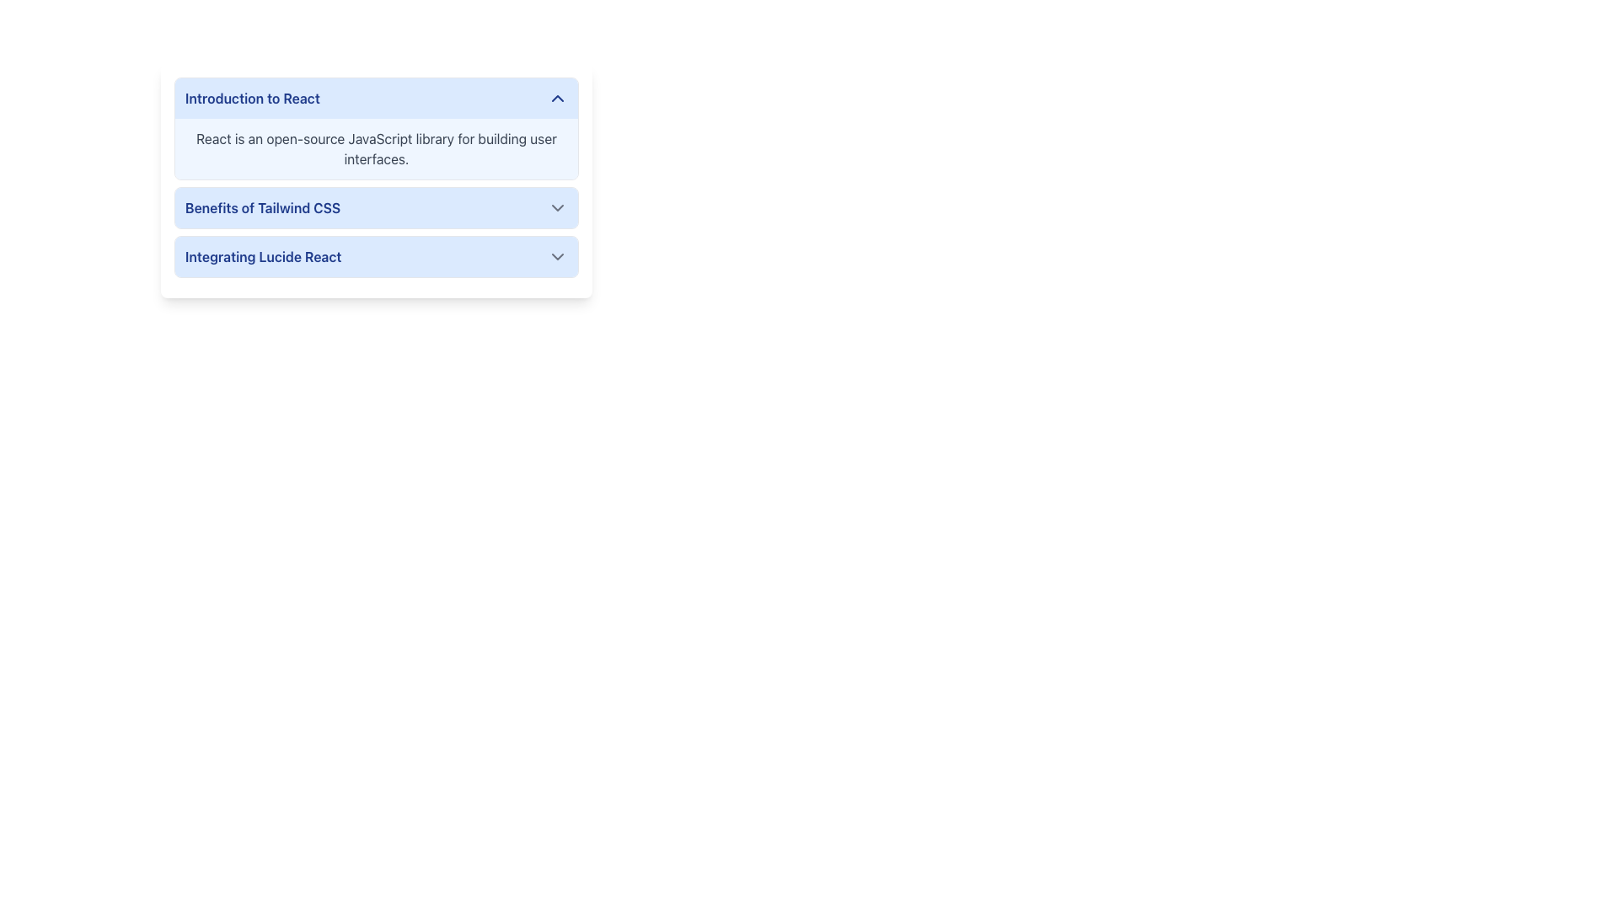 The image size is (1618, 910). What do you see at coordinates (375, 148) in the screenshot?
I see `the static text block providing informative content about React, located beneath the 'Introduction to React' header` at bounding box center [375, 148].